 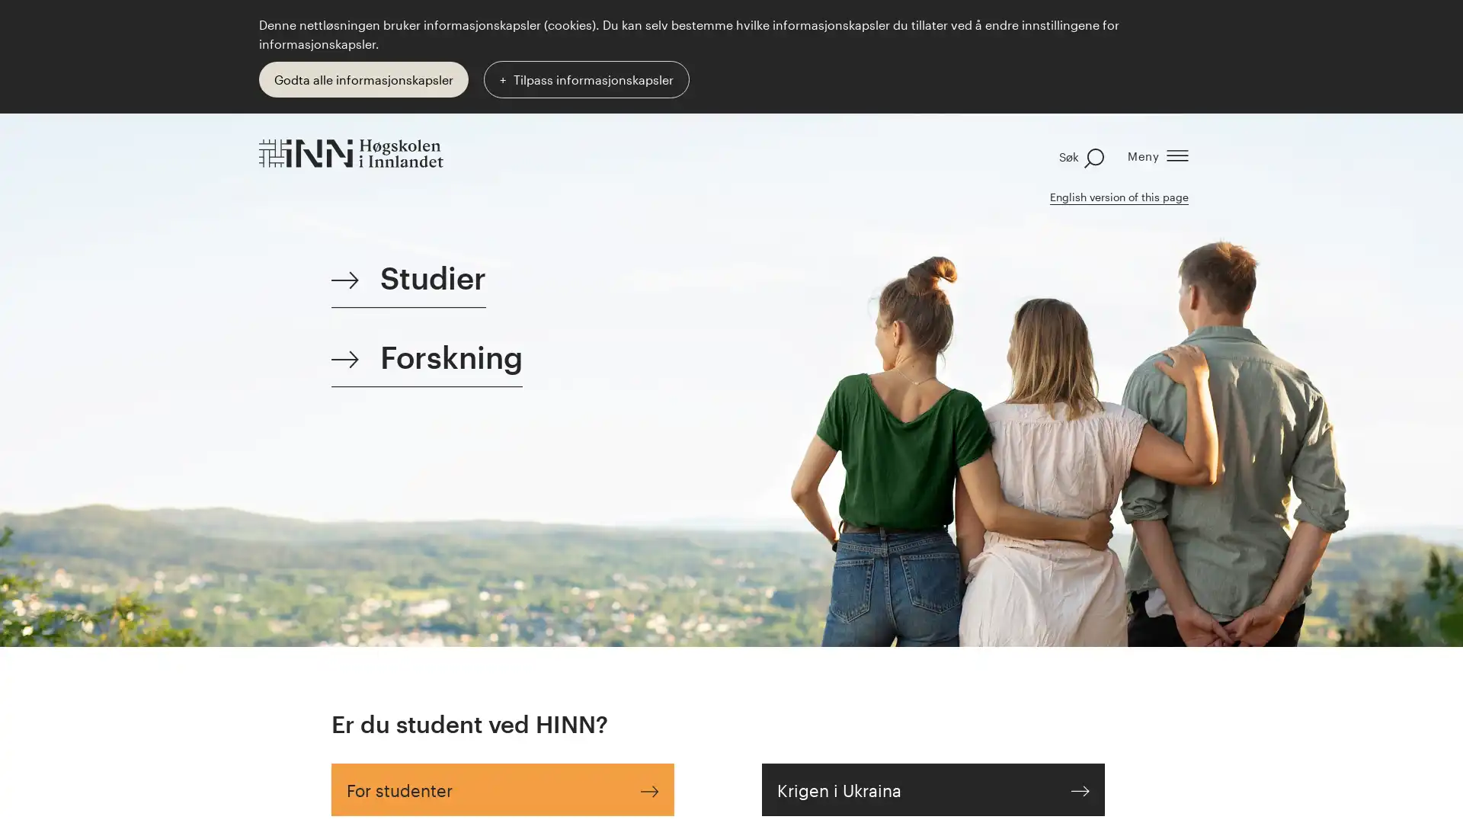 I want to click on Sk, so click(x=1074, y=155).